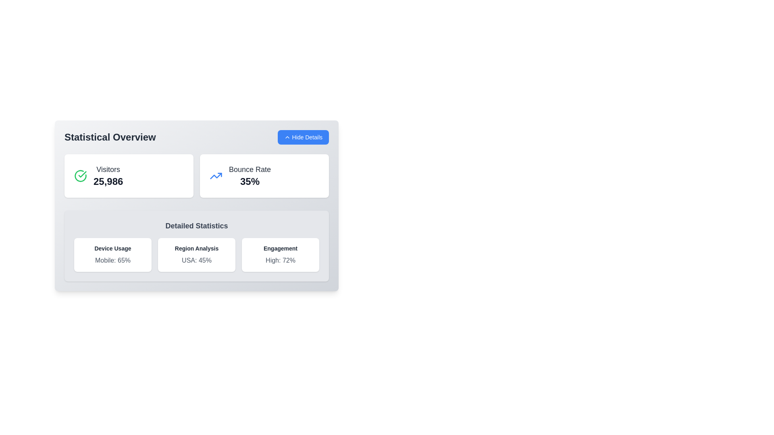 The width and height of the screenshot is (774, 435). What do you see at coordinates (197, 226) in the screenshot?
I see `the Text label that acts as a title or header for the subsequent statistics, which is centrally located in a light grey box with rounded corners` at bounding box center [197, 226].